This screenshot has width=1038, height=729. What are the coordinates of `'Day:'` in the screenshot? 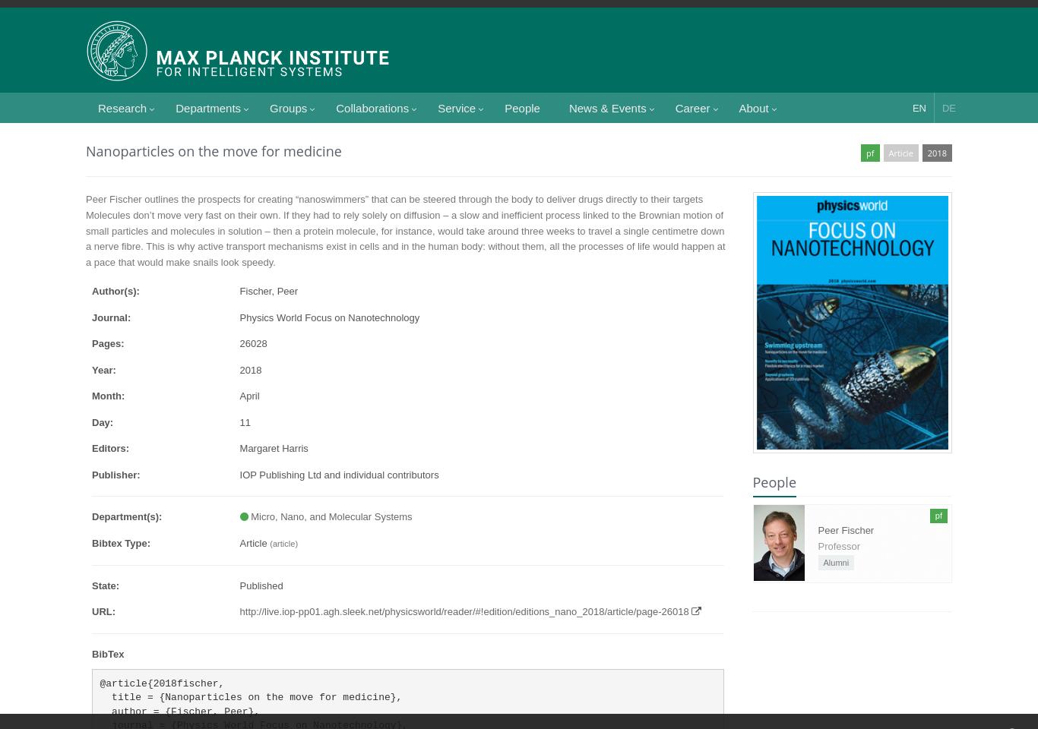 It's located at (101, 421).